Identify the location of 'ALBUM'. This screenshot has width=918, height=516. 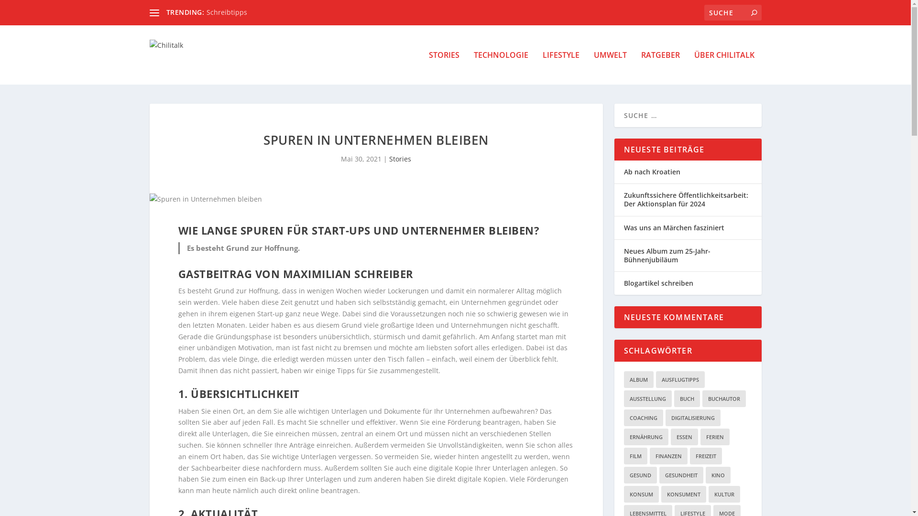
(638, 379).